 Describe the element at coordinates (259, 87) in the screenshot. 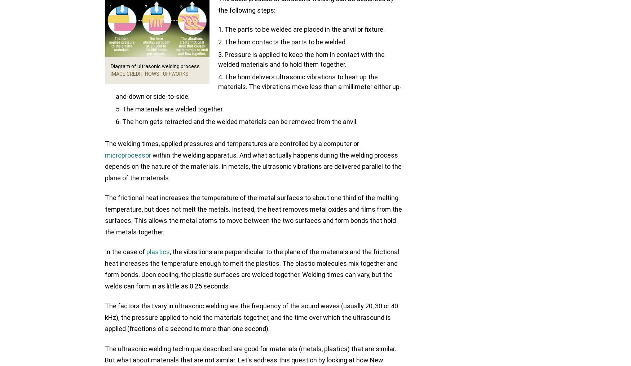

I see `'The horn delivers ultrasonic vibrations to heat up the materials. The vibrations move less than a millimeter either up-and-down or side-to-side.'` at that location.